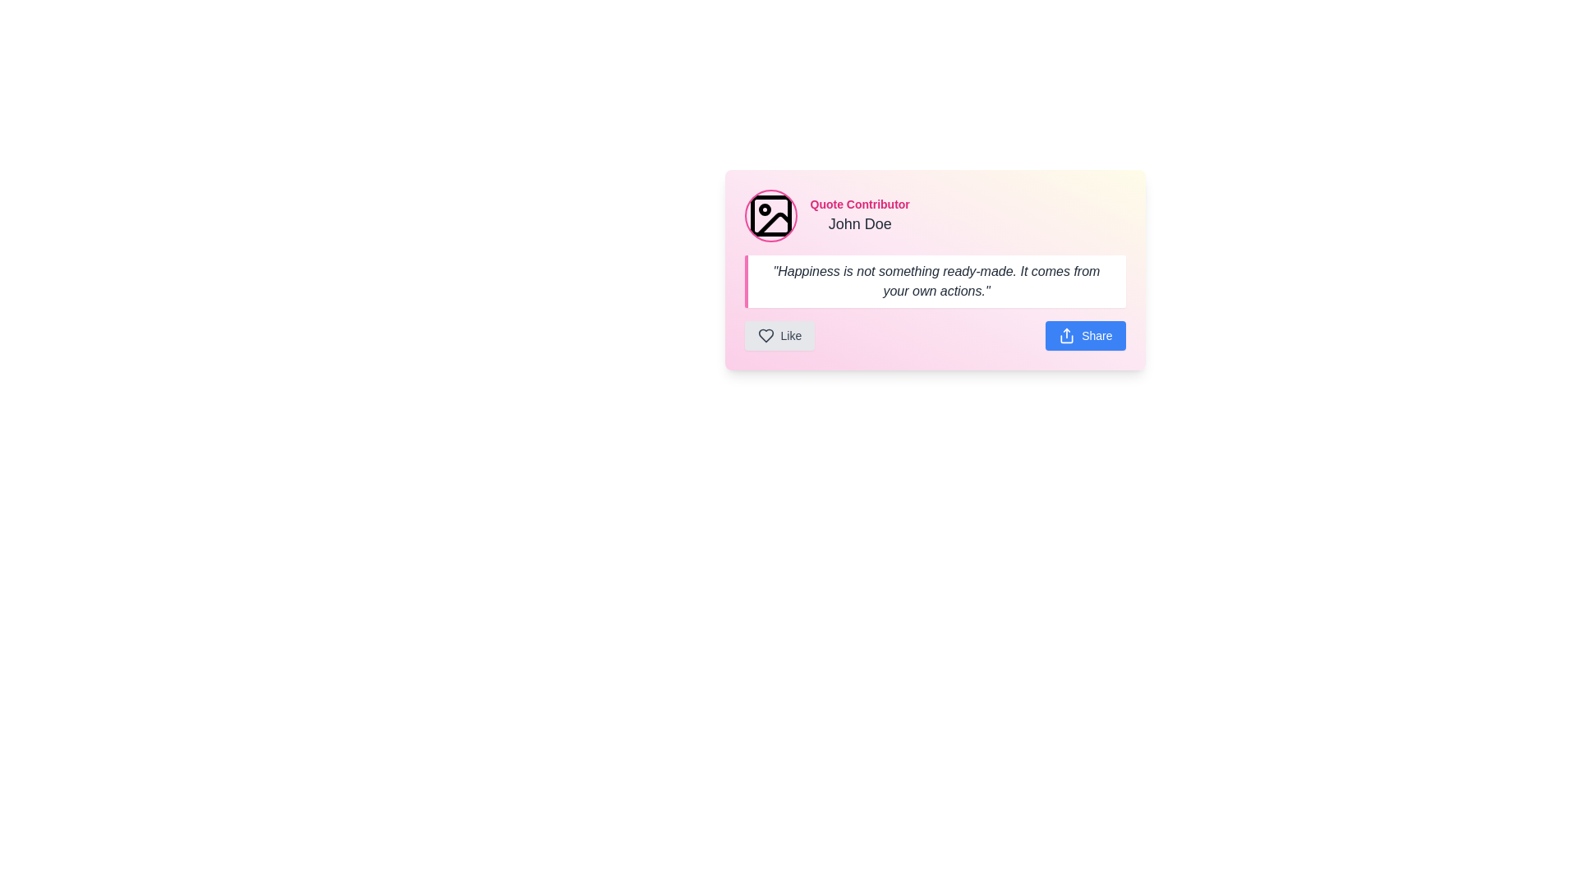 Image resolution: width=1577 pixels, height=887 pixels. Describe the element at coordinates (770, 214) in the screenshot. I see `the Profile Image Placeholder for contributor 'John Doe'` at that location.